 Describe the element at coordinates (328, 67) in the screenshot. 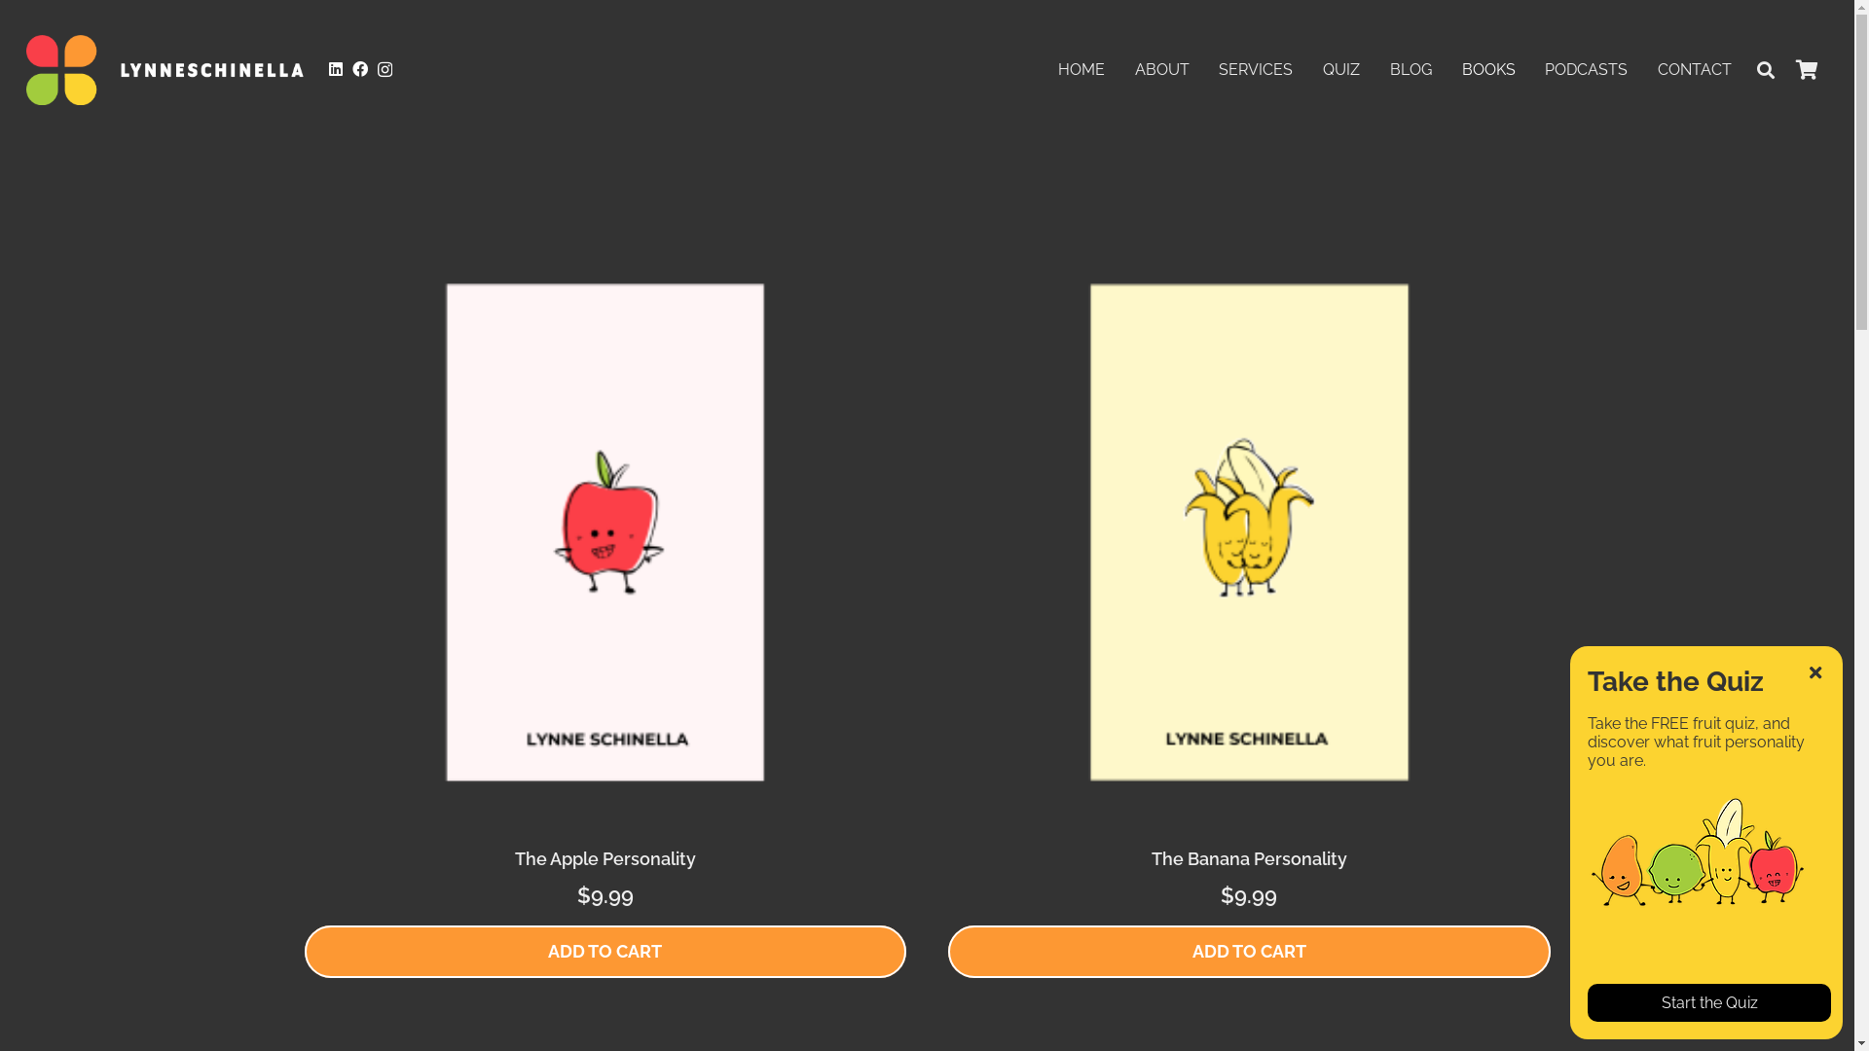

I see `'LinkedIn'` at that location.